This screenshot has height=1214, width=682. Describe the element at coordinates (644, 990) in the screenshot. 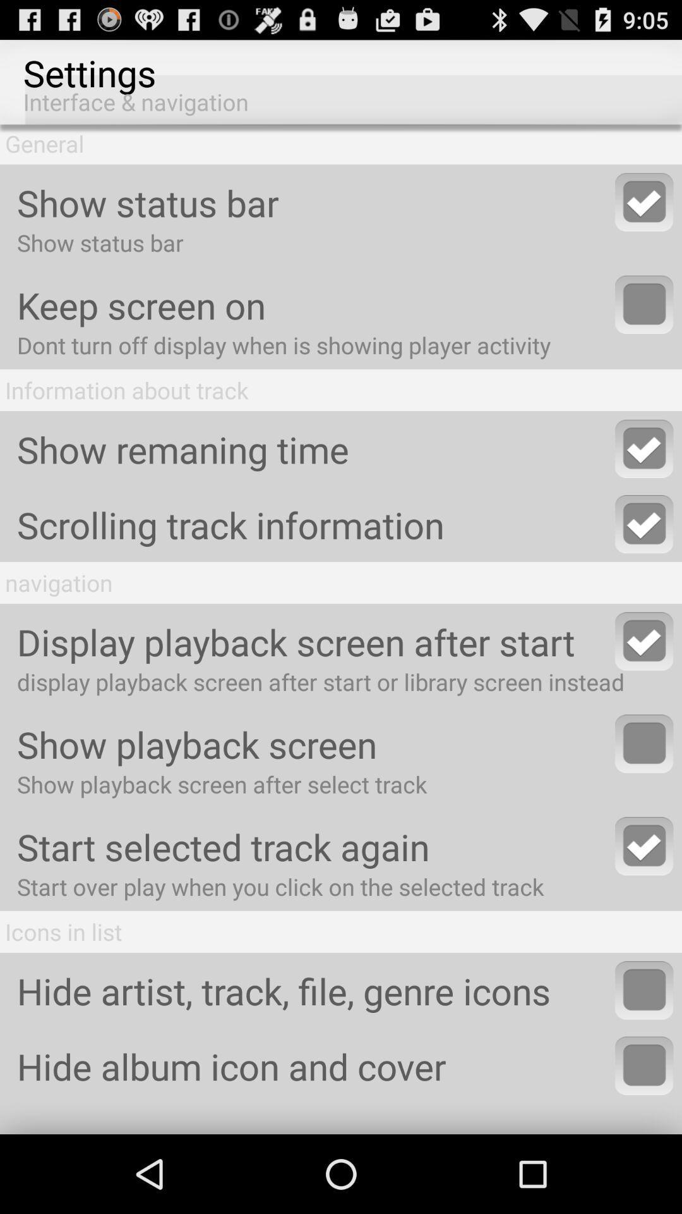

I see `here` at that location.